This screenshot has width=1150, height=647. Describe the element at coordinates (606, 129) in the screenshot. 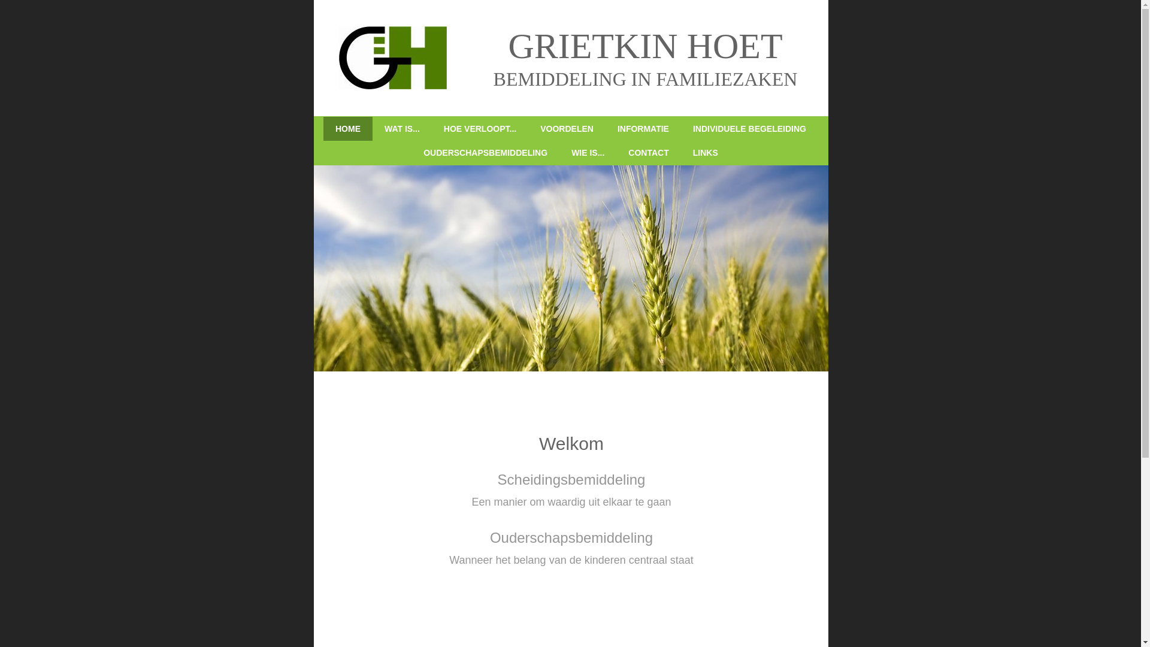

I see `'INFORMATIE'` at that location.